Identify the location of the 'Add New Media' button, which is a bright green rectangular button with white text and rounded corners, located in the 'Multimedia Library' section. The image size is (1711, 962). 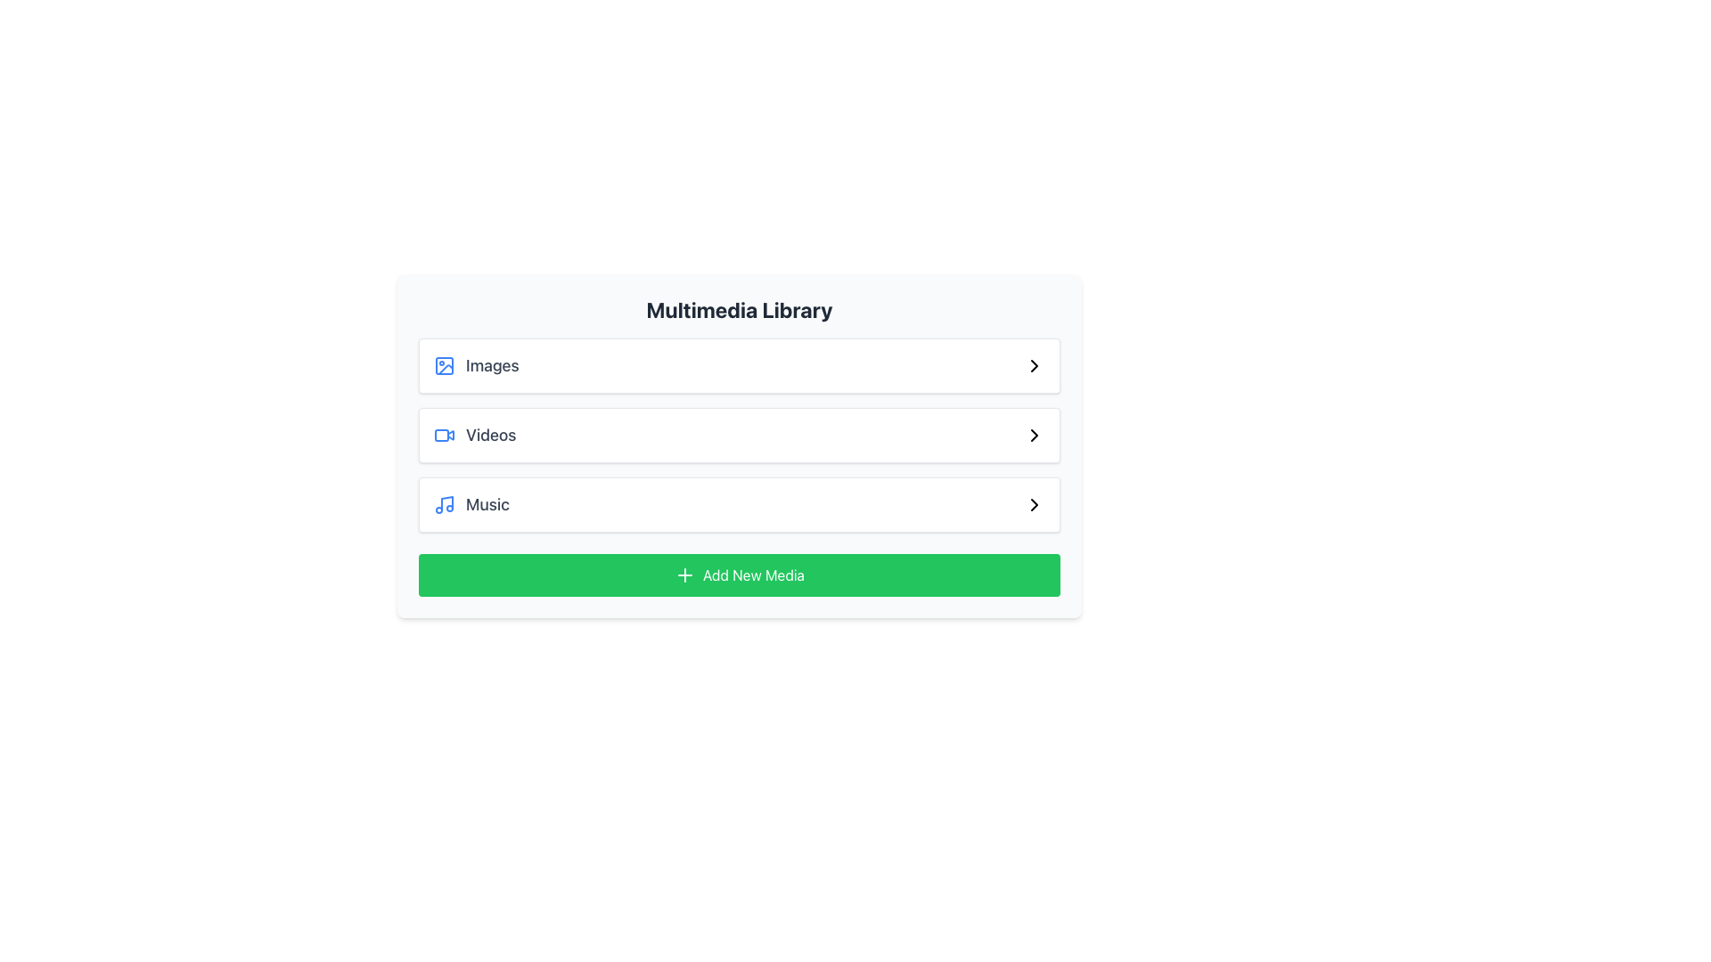
(740, 575).